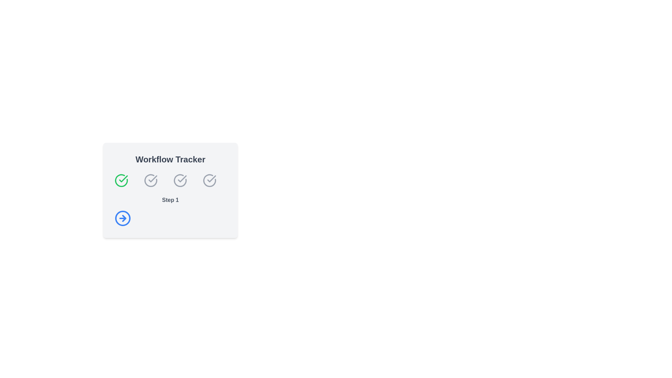 This screenshot has width=672, height=378. I want to click on the second icon in the row of four icons inside the 'Workflow Tracker' box, so click(150, 180).